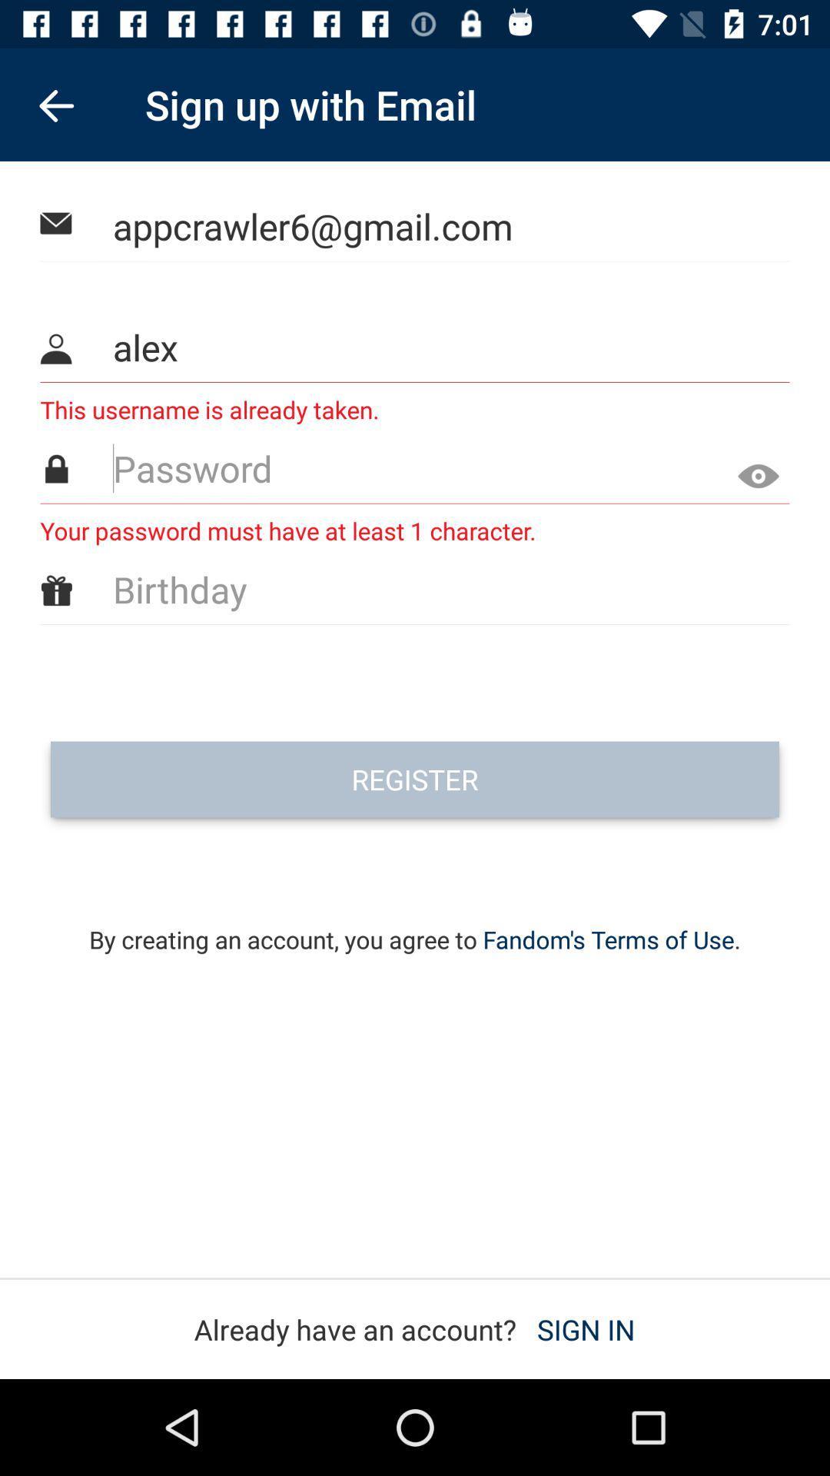  What do you see at coordinates (413, 1328) in the screenshot?
I see `the already have an icon` at bounding box center [413, 1328].